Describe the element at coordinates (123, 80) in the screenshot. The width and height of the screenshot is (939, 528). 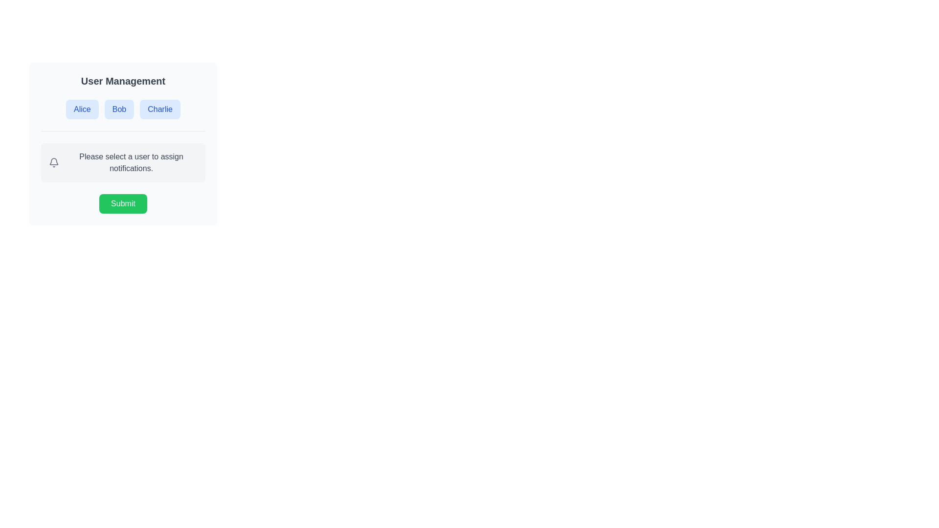
I see `the 'User Management' text label, which serves as the heading for the section above selectable options` at that location.